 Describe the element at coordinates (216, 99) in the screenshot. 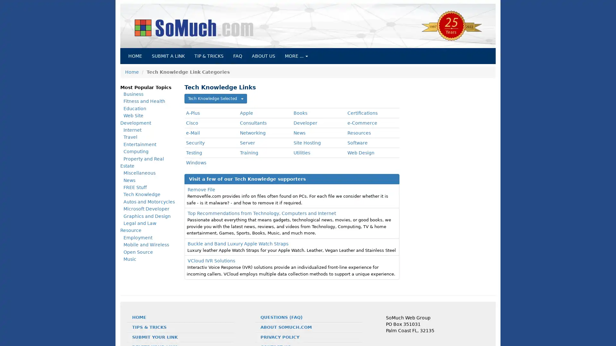

I see `Tech Knowledge Selected` at that location.